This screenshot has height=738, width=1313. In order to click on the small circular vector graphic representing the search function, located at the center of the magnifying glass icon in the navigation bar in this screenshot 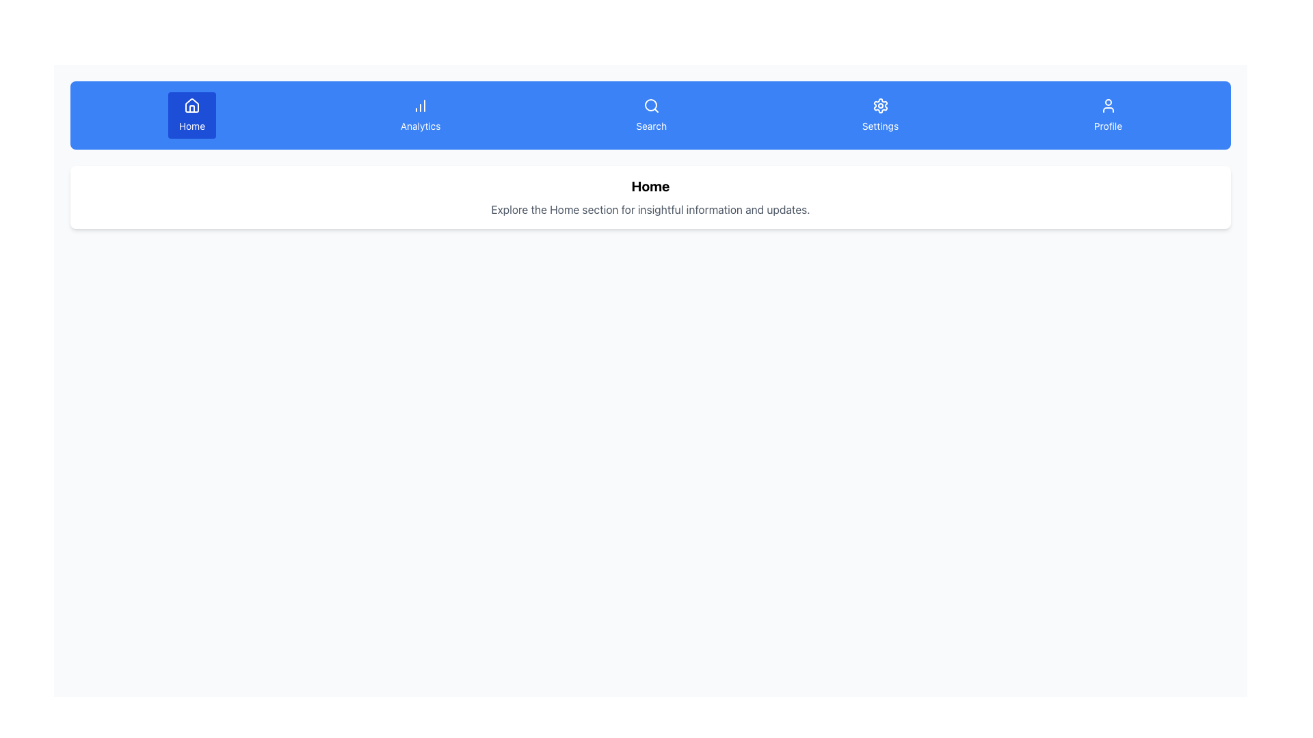, I will do `click(650, 105)`.